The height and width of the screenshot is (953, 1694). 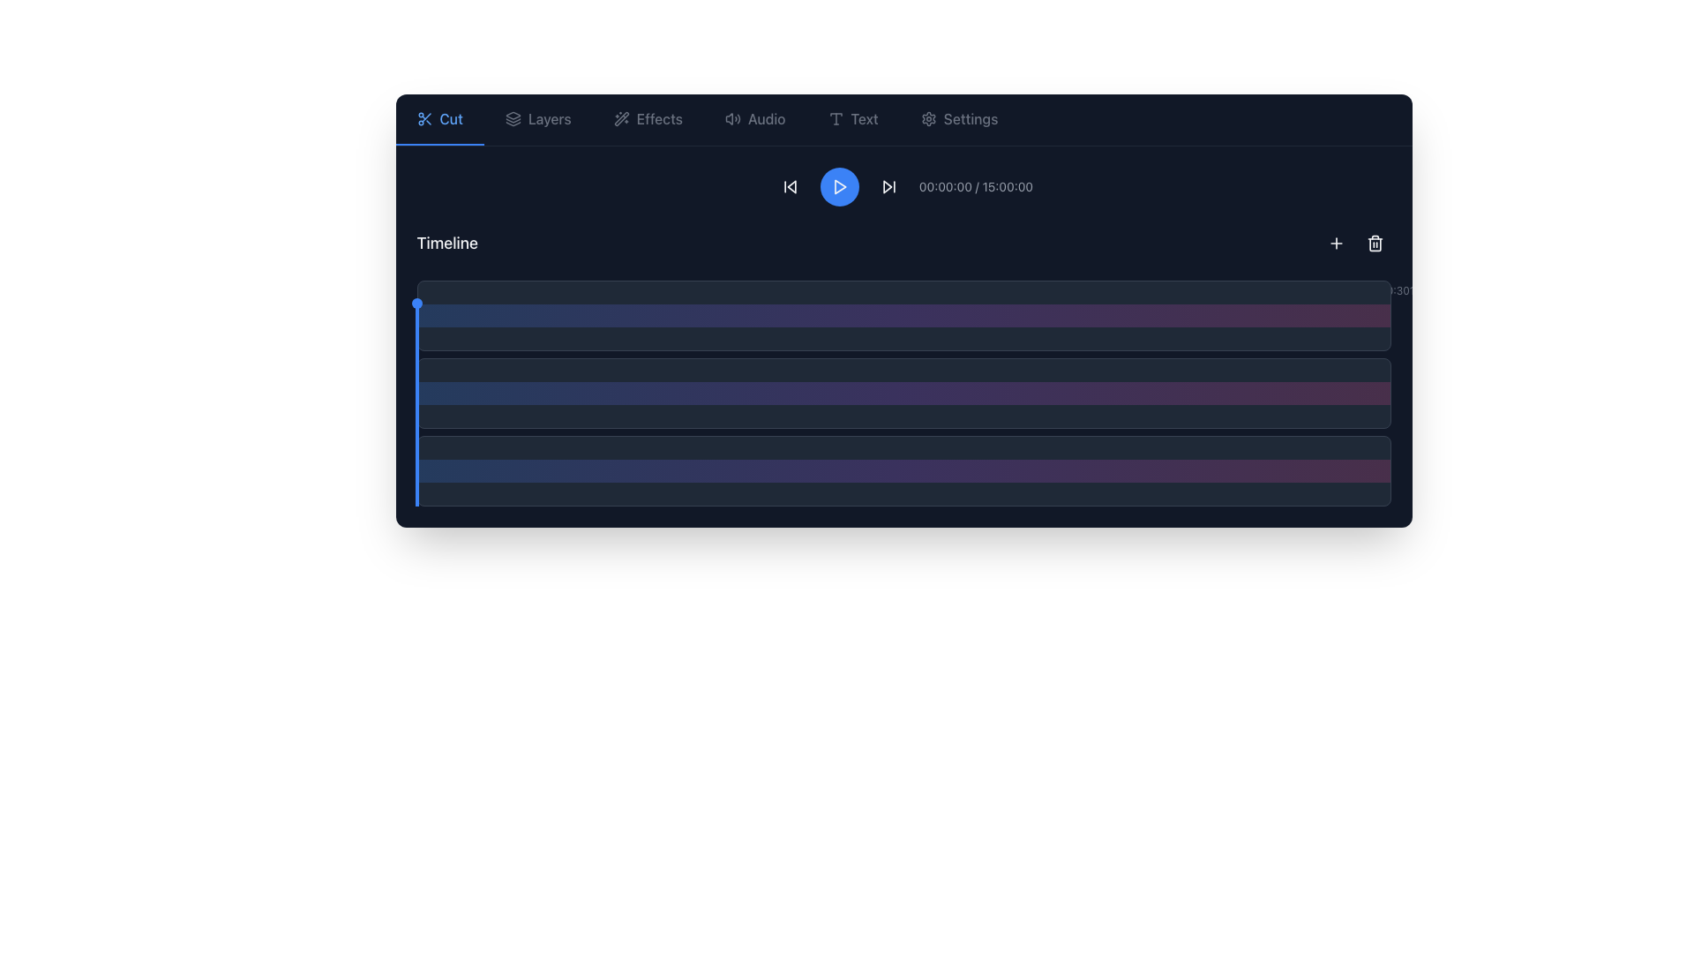 I want to click on the left-pointing triangular 'skip backward' SVG icon located in the media timeline control bar to skip backward in the media timeline, so click(x=791, y=187).